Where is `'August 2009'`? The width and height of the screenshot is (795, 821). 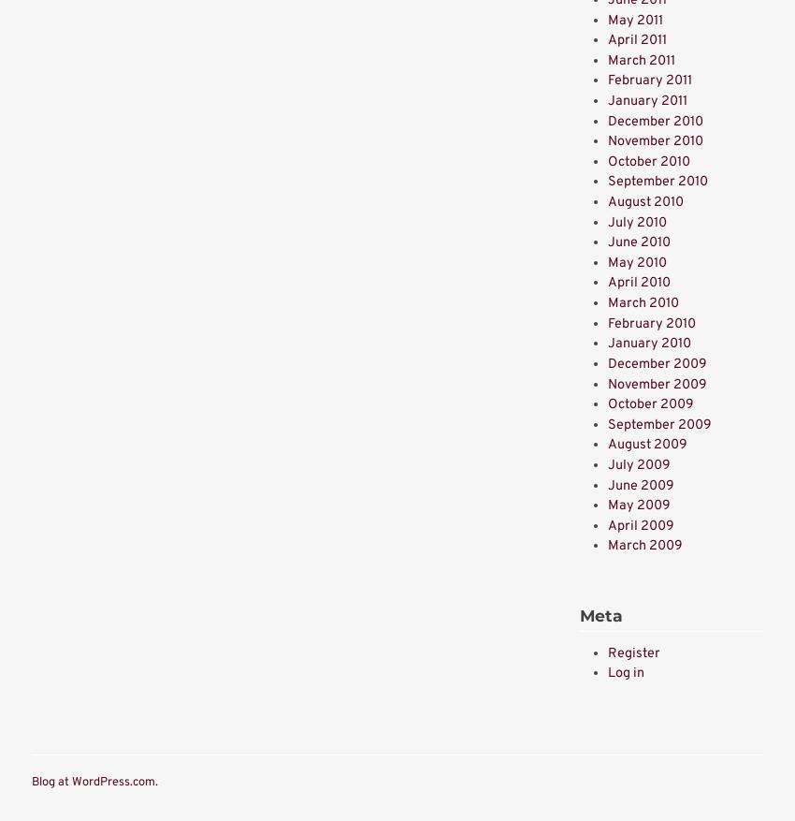 'August 2009' is located at coordinates (646, 445).